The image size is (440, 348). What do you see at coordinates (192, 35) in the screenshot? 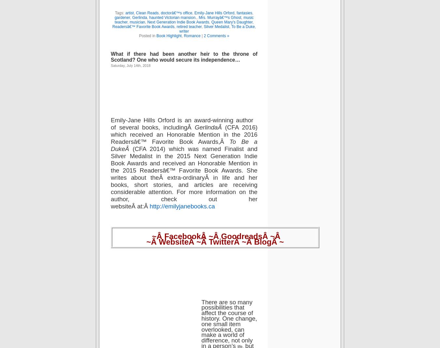
I see `'Romance'` at bounding box center [192, 35].